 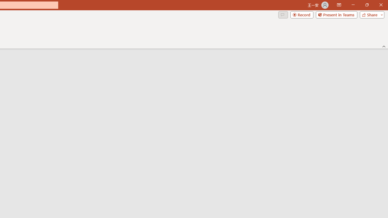 I want to click on 'Close', so click(x=380, y=5).